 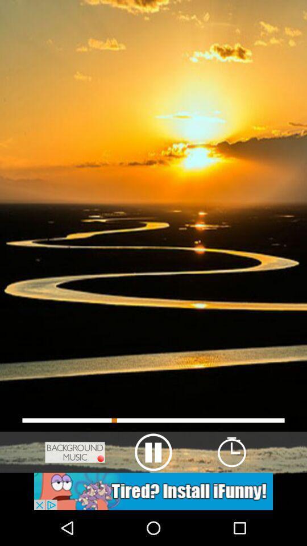 What do you see at coordinates (153, 491) in the screenshot?
I see `autoplay option` at bounding box center [153, 491].